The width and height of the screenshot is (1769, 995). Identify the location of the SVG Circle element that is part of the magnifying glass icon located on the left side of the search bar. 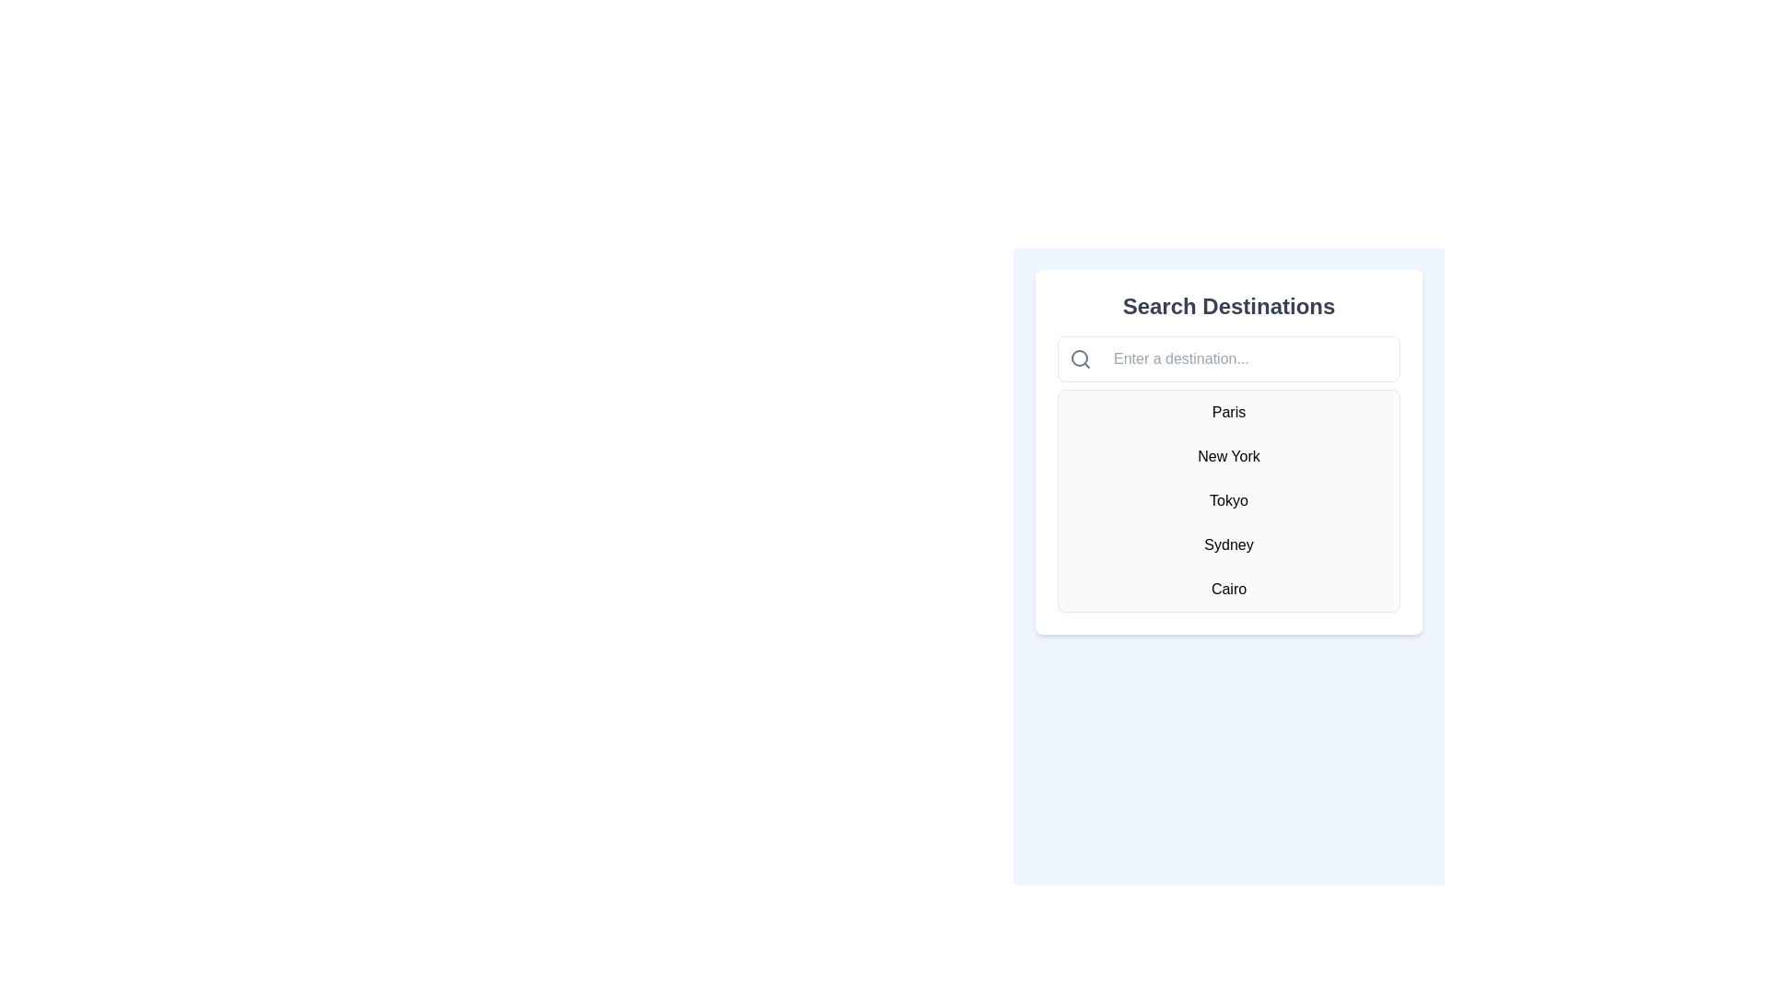
(1079, 358).